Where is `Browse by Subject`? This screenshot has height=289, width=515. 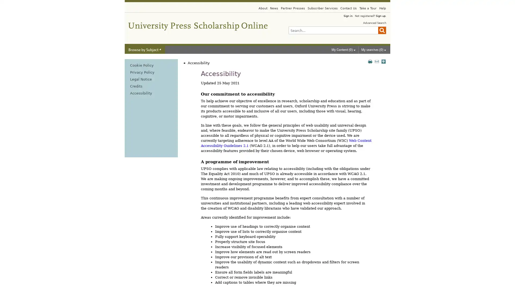 Browse by Subject is located at coordinates (145, 50).